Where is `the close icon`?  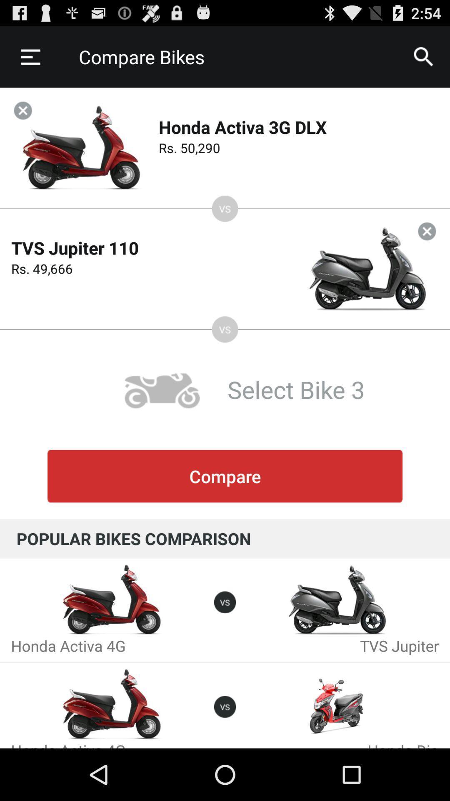 the close icon is located at coordinates (22, 118).